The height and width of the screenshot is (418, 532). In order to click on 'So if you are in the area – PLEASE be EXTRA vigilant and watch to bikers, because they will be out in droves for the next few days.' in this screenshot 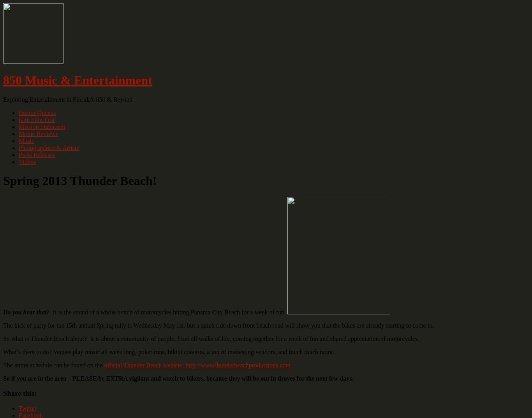, I will do `click(179, 377)`.